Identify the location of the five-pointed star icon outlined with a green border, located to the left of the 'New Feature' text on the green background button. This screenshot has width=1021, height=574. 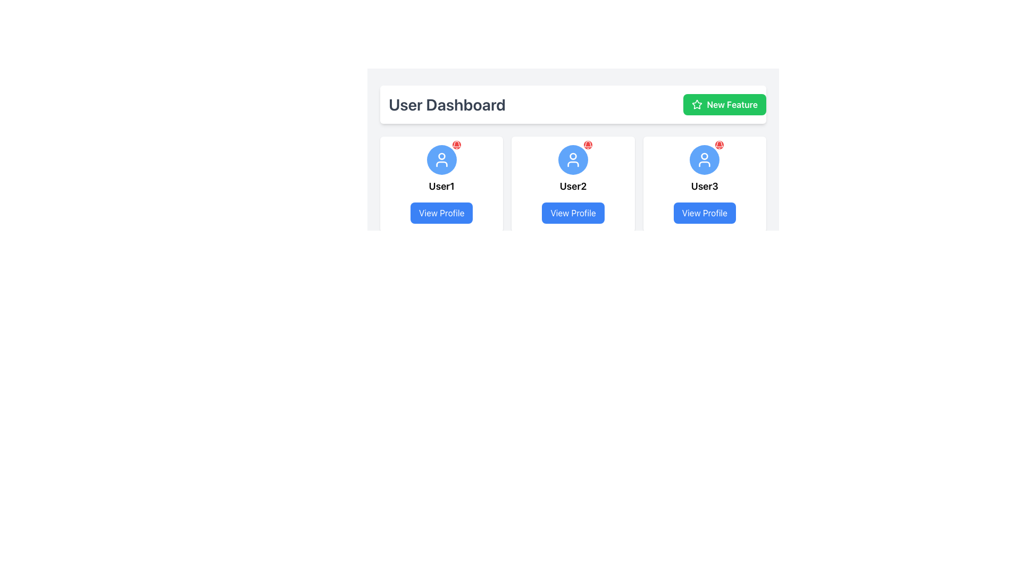
(697, 104).